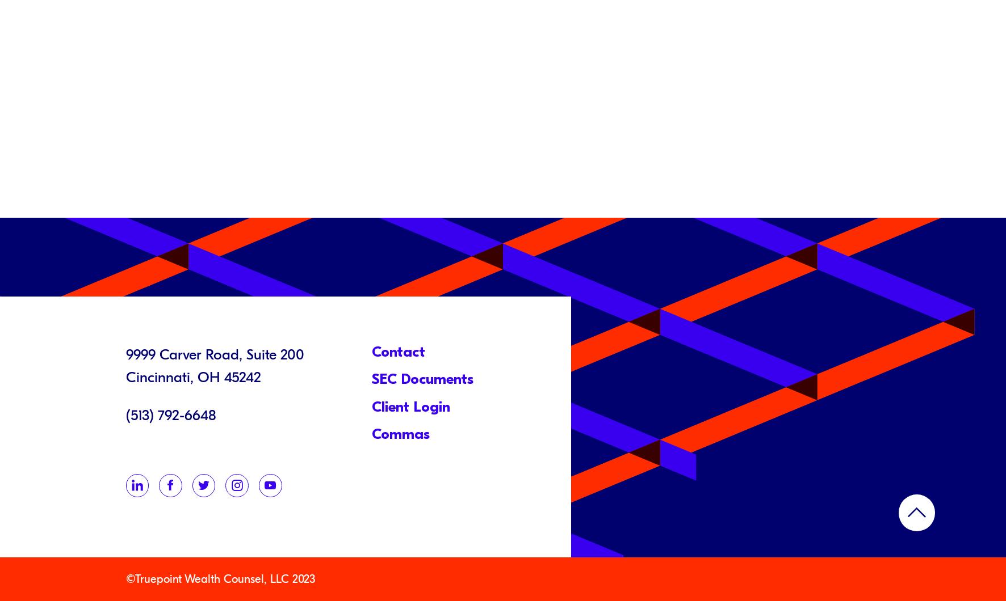 The height and width of the screenshot is (601, 1006). Describe the element at coordinates (214, 354) in the screenshot. I see `'9999 Carver Road, Suite 200'` at that location.